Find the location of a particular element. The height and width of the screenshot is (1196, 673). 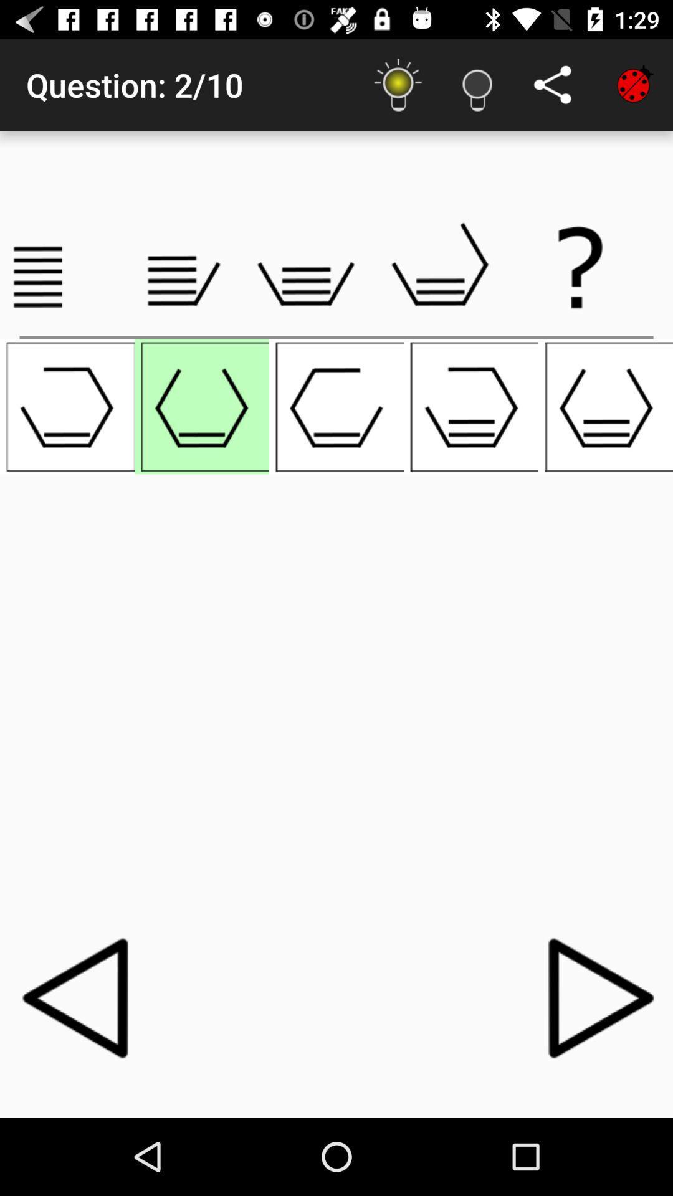

item to the right of question: 2/10 app is located at coordinates (398, 84).